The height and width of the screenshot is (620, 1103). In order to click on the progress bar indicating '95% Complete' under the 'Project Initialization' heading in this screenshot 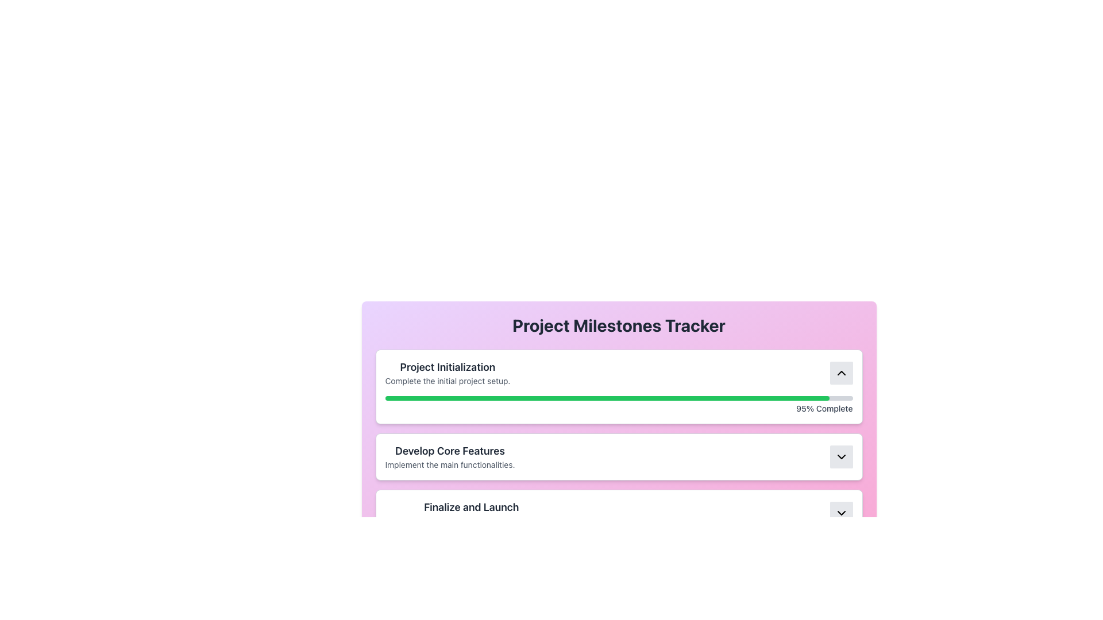, I will do `click(618, 398)`.